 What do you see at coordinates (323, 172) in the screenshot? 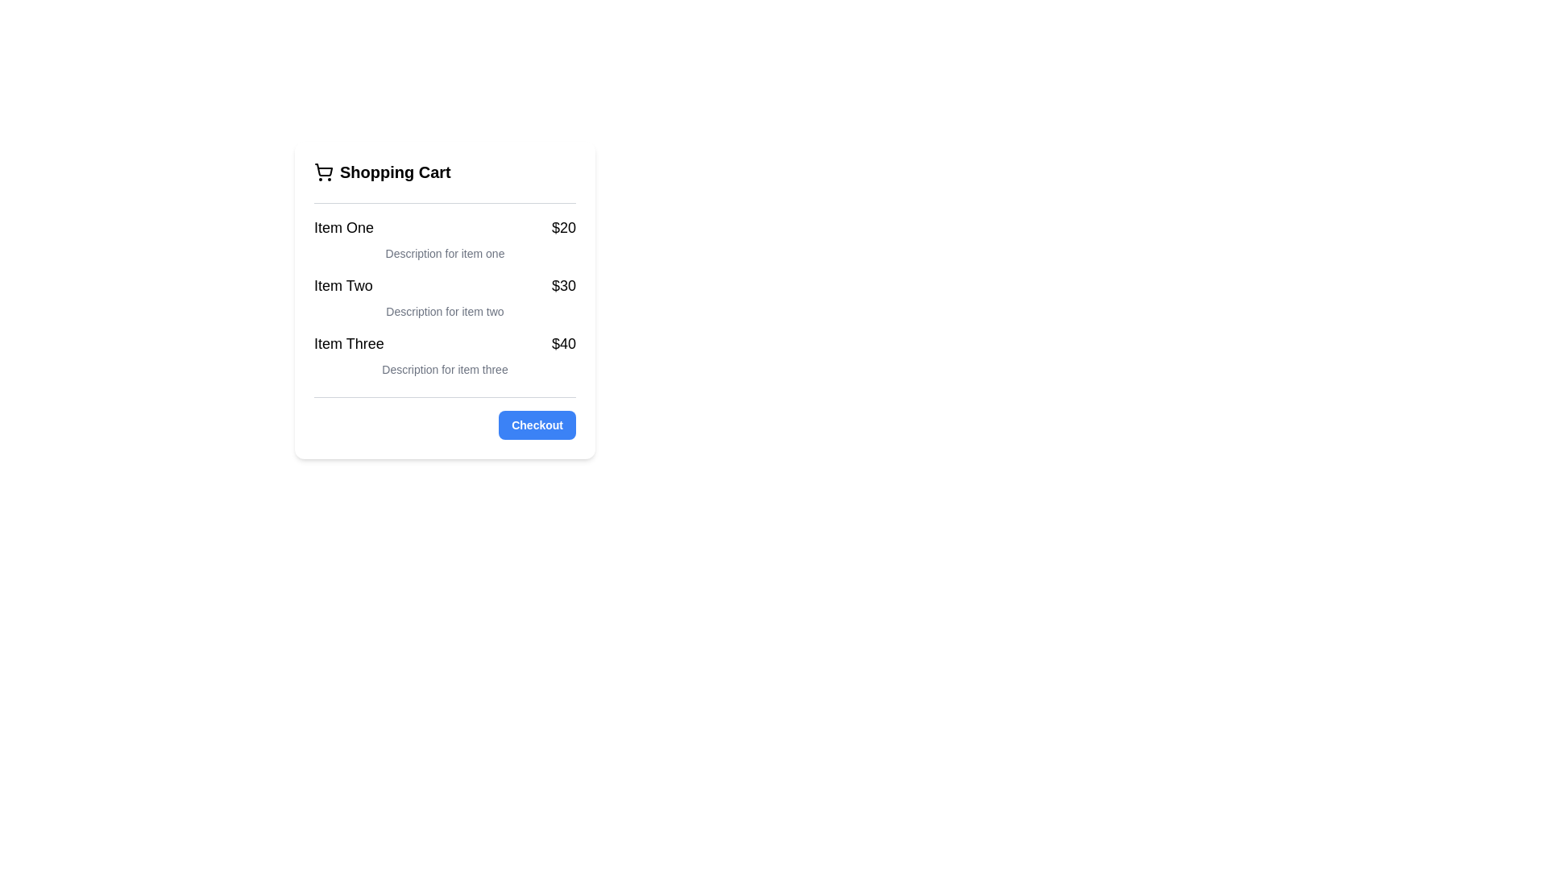
I see `the shopping cart icon, which is styled with a stroke-based outline and positioned to the left of the 'Shopping Cart' text` at bounding box center [323, 172].